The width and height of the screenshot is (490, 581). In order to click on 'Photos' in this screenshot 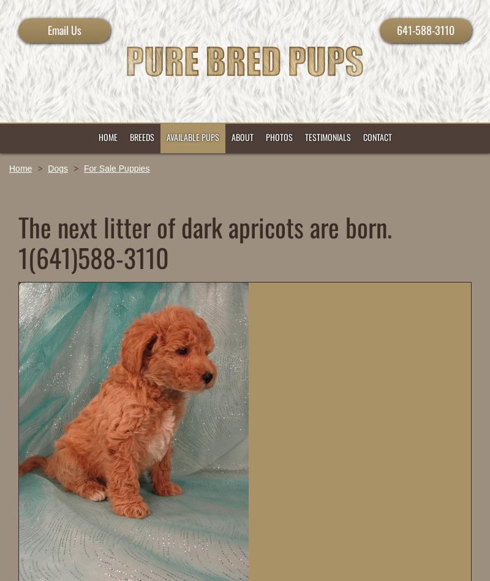, I will do `click(277, 136)`.